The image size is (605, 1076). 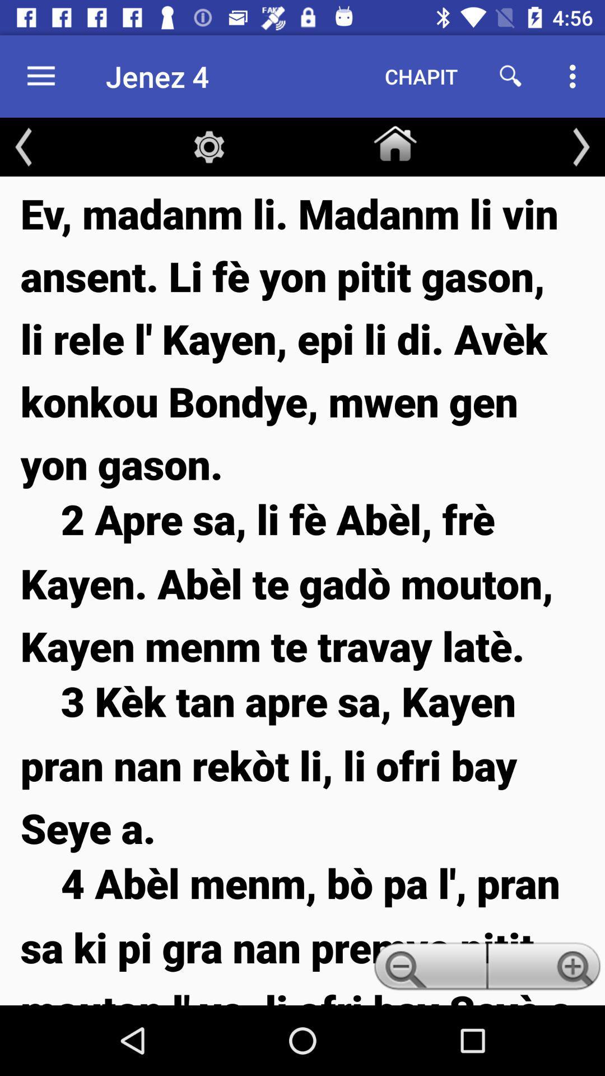 What do you see at coordinates (421, 76) in the screenshot?
I see `chapit icon` at bounding box center [421, 76].